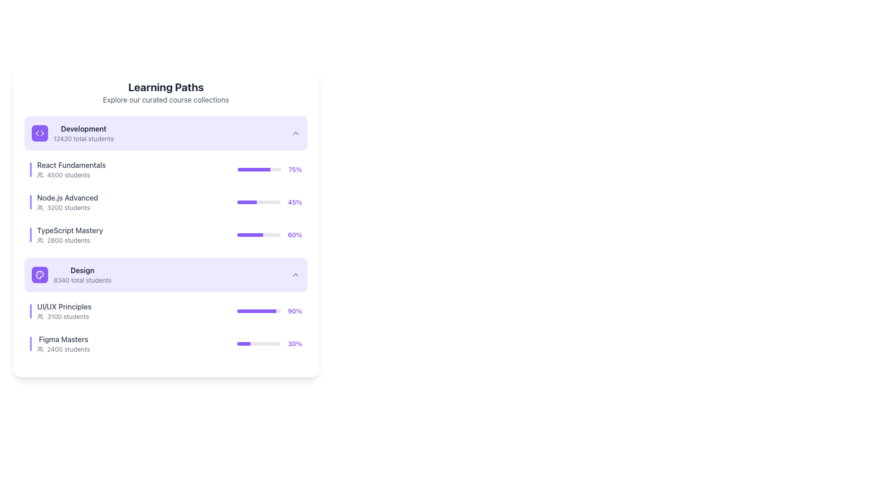  I want to click on progress, so click(248, 202).